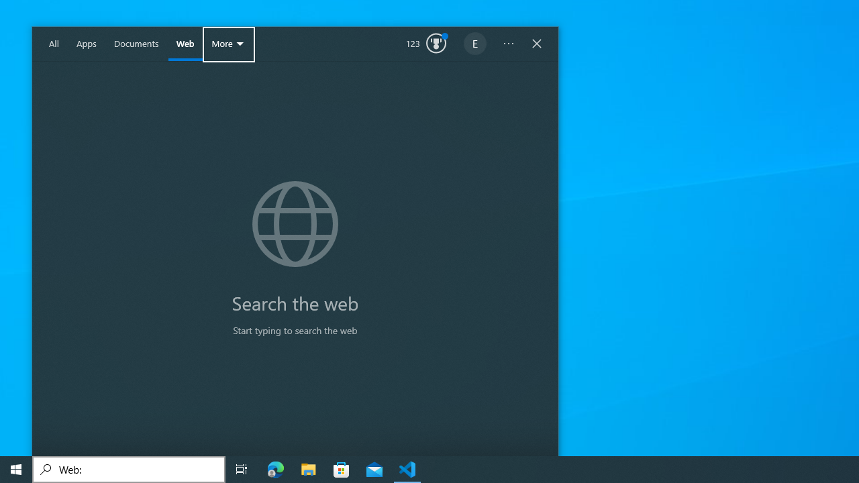  What do you see at coordinates (229, 44) in the screenshot?
I see `'More'` at bounding box center [229, 44].